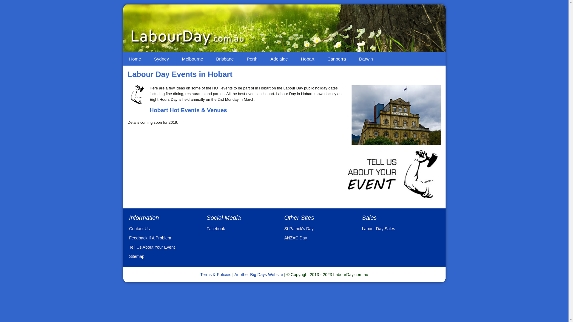 The height and width of the screenshot is (322, 573). Describe the element at coordinates (215, 275) in the screenshot. I see `'Terms & Policies'` at that location.